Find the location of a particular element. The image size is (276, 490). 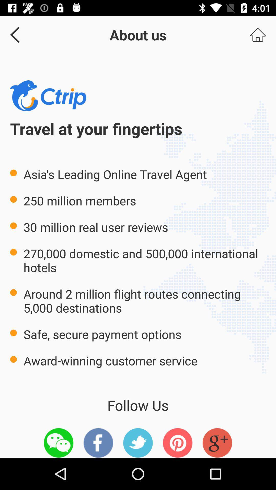

the icon at the bottom right corner is located at coordinates (217, 443).